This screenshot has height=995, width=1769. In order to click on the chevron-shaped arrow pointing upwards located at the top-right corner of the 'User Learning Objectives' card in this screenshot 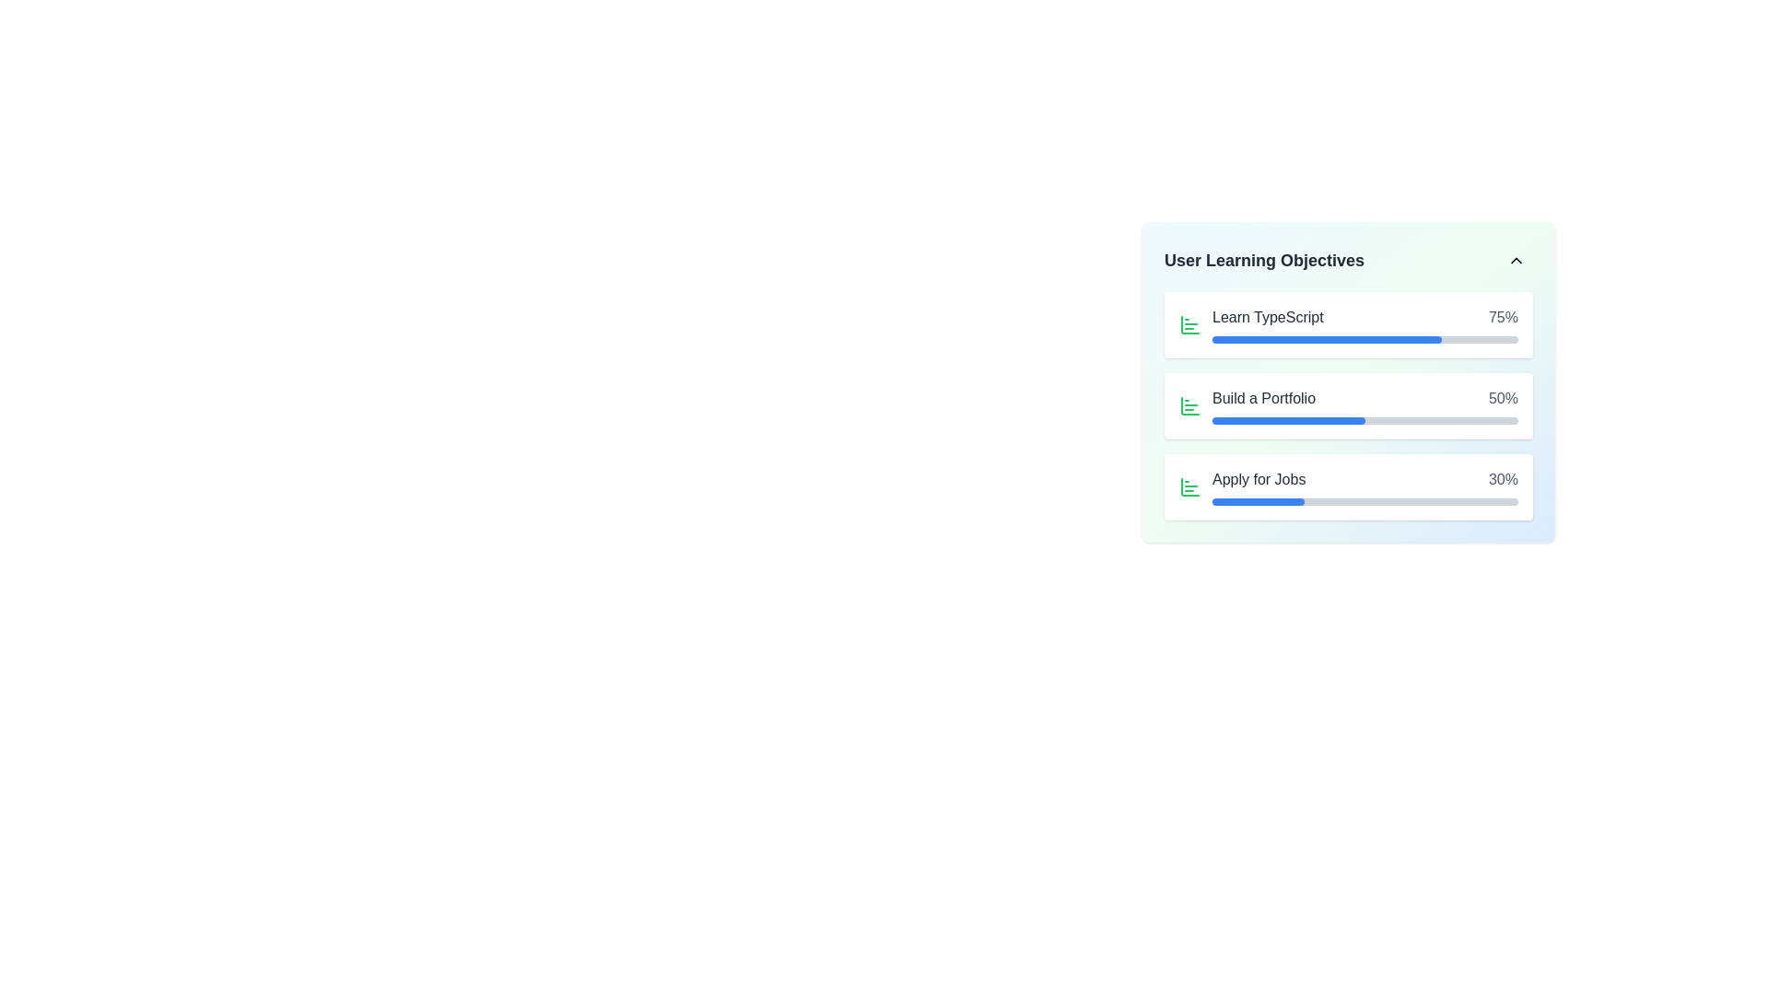, I will do `click(1517, 260)`.